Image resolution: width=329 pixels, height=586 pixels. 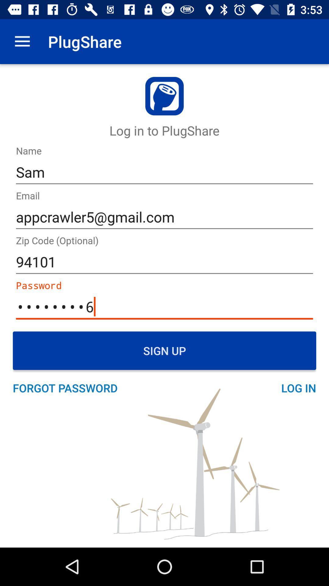 I want to click on the crowd3116, so click(x=164, y=307).